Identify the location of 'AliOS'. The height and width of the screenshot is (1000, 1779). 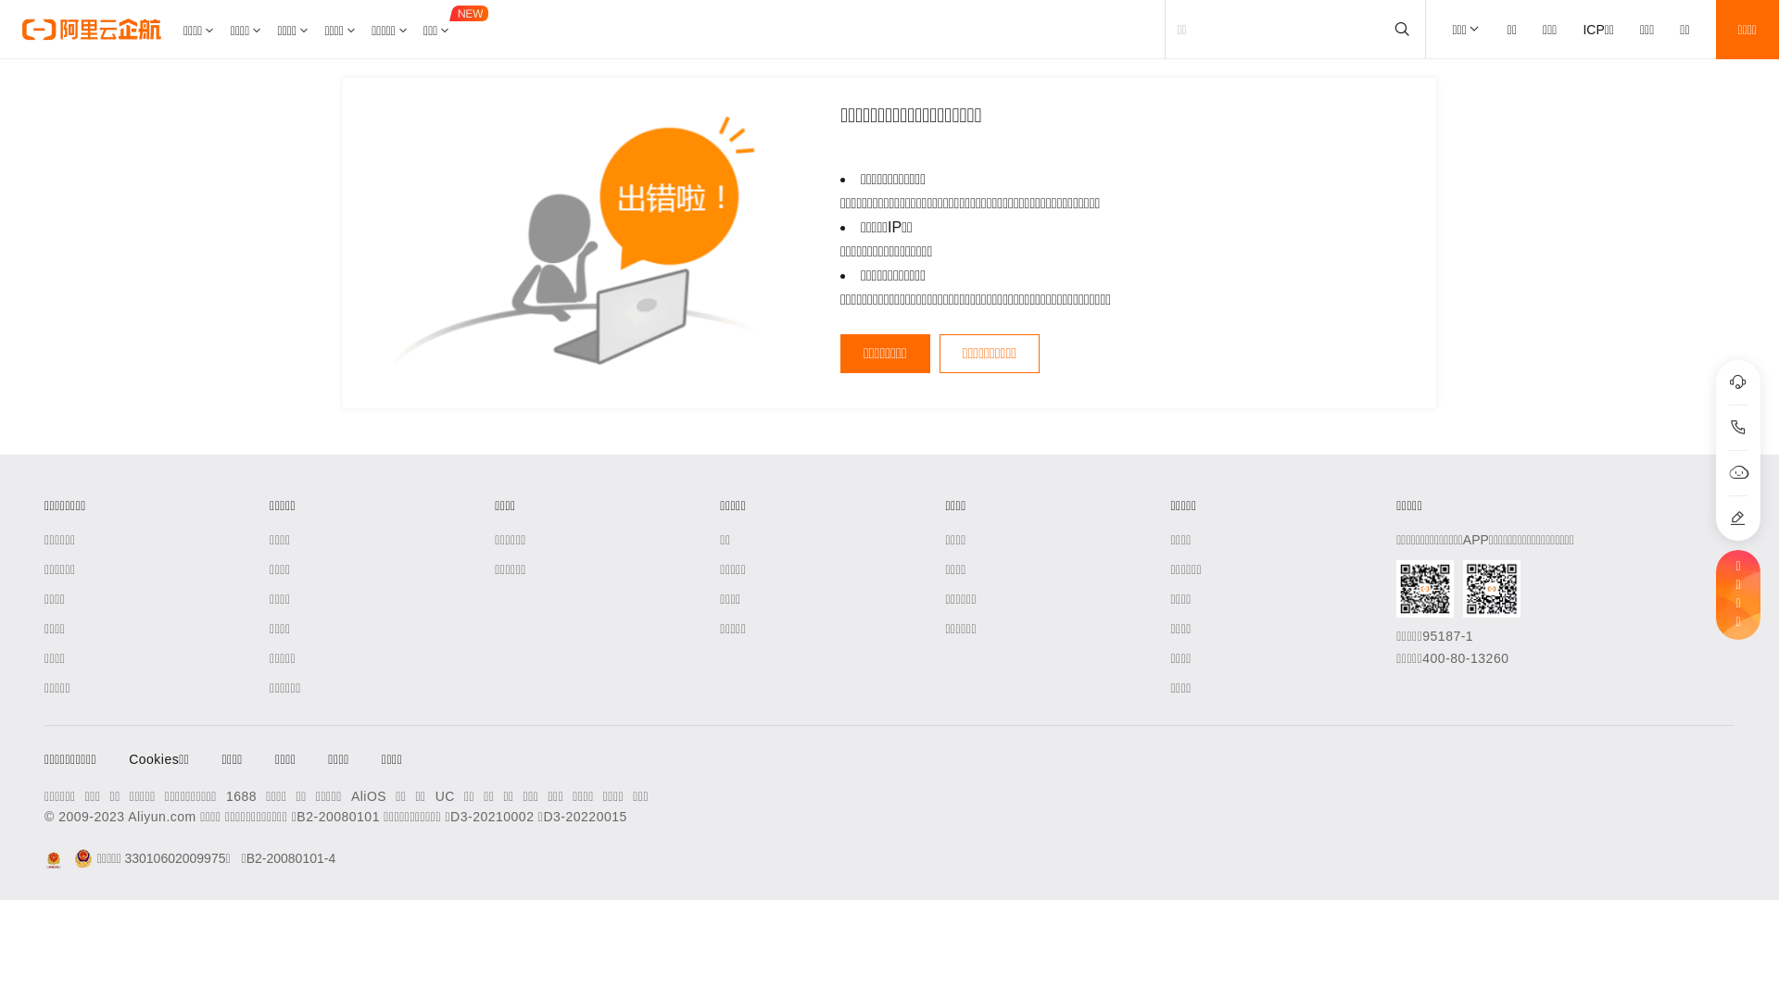
(369, 795).